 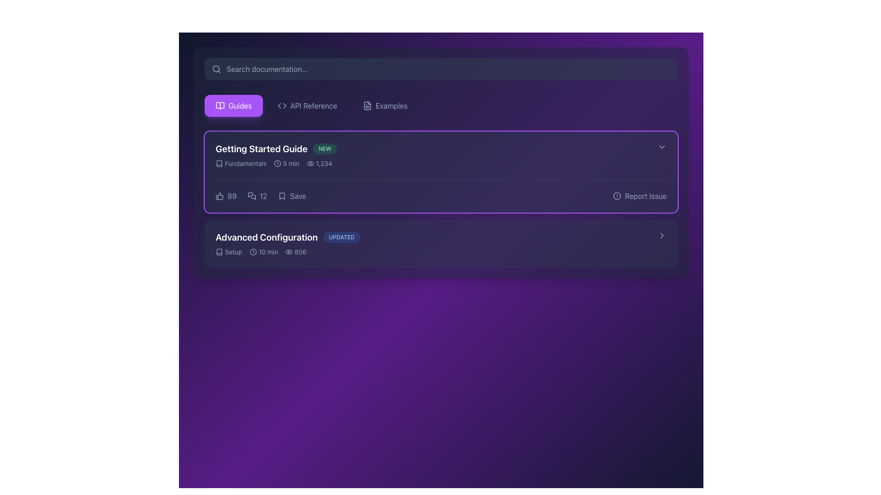 I want to click on the 'Guides' button that contains the decorative open book icon, located near the top-left corner of the layout, so click(x=220, y=105).